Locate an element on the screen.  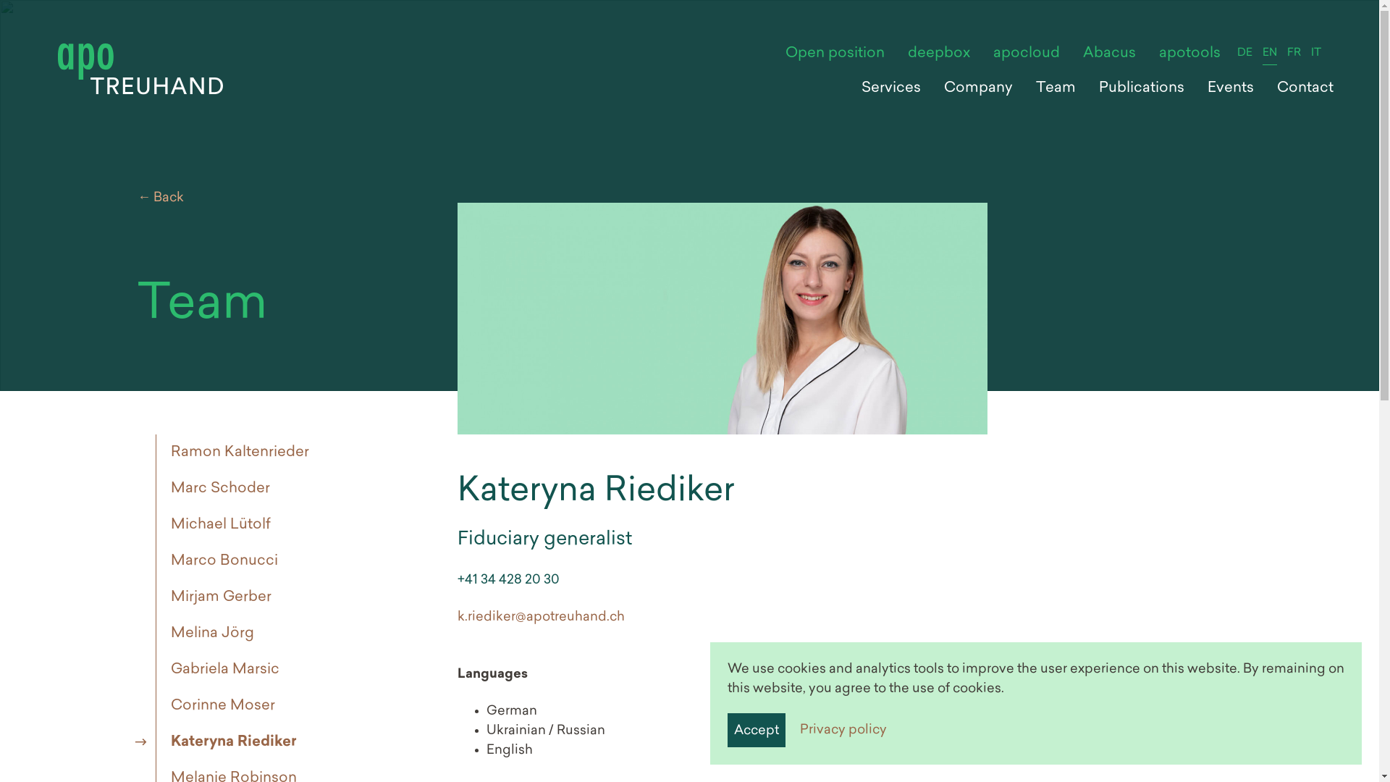
'Open position' is located at coordinates (773, 52).